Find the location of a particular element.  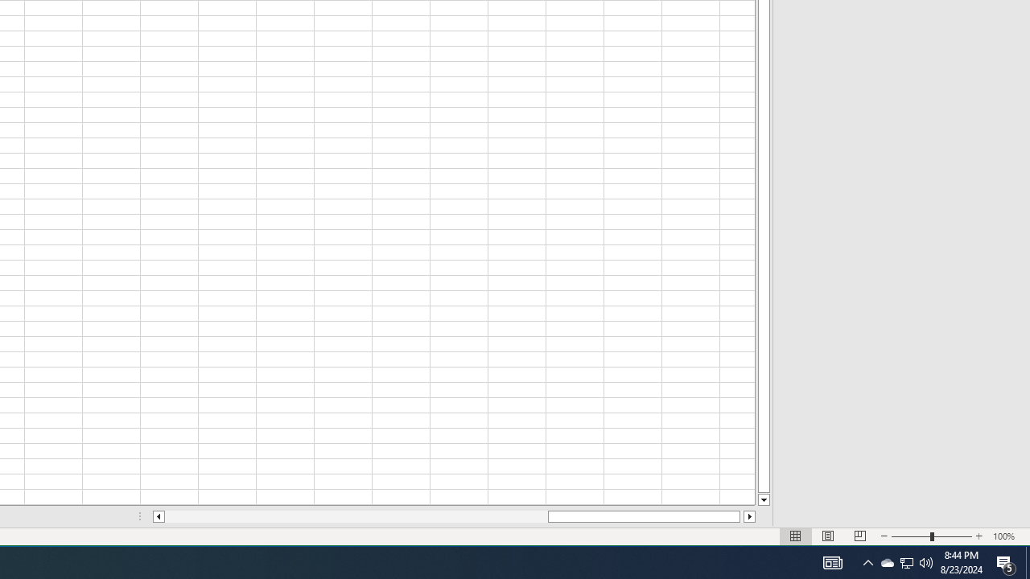

'Action Center, 5 new notifications' is located at coordinates (1006, 561).